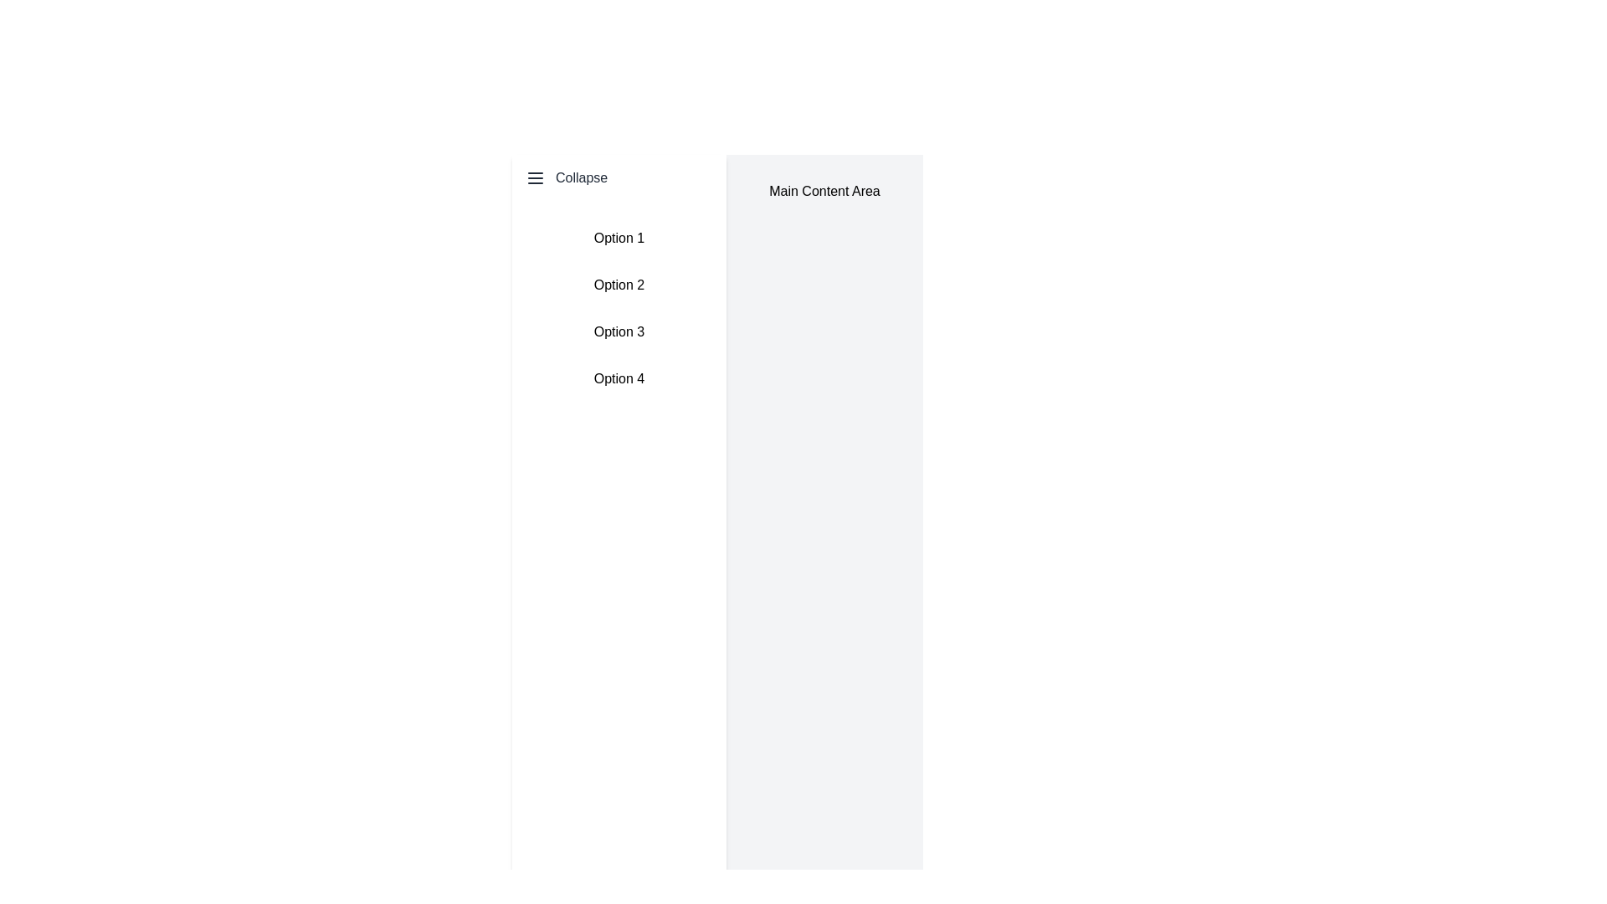 The width and height of the screenshot is (1607, 904). What do you see at coordinates (618, 239) in the screenshot?
I see `the first selectable list item located directly below the 'Collapse' menu` at bounding box center [618, 239].